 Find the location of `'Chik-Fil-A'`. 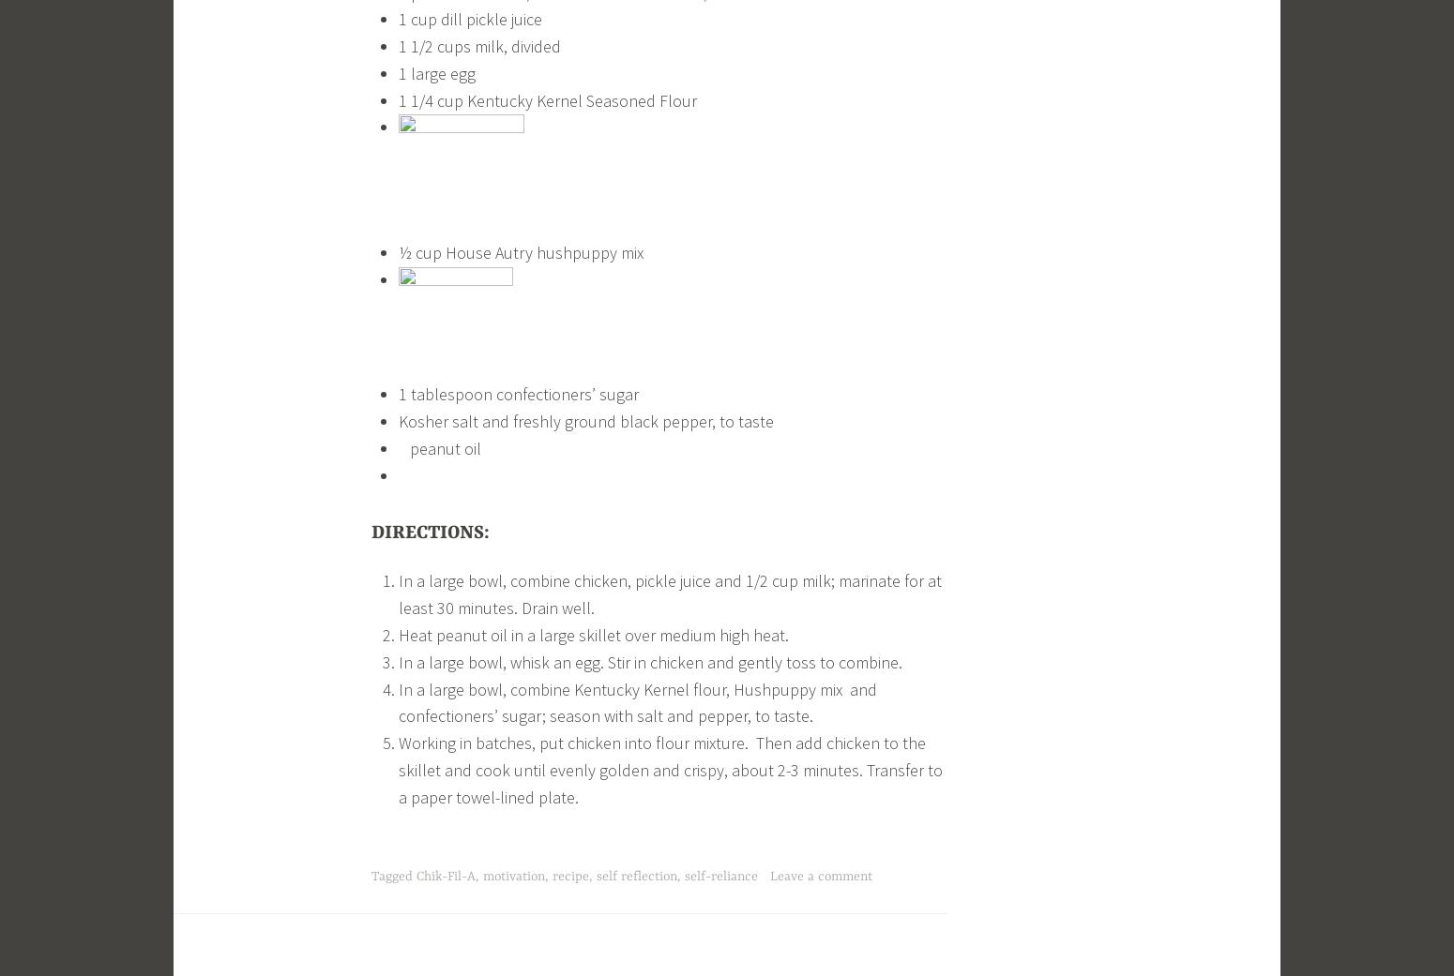

'Chik-Fil-A' is located at coordinates (445, 876).